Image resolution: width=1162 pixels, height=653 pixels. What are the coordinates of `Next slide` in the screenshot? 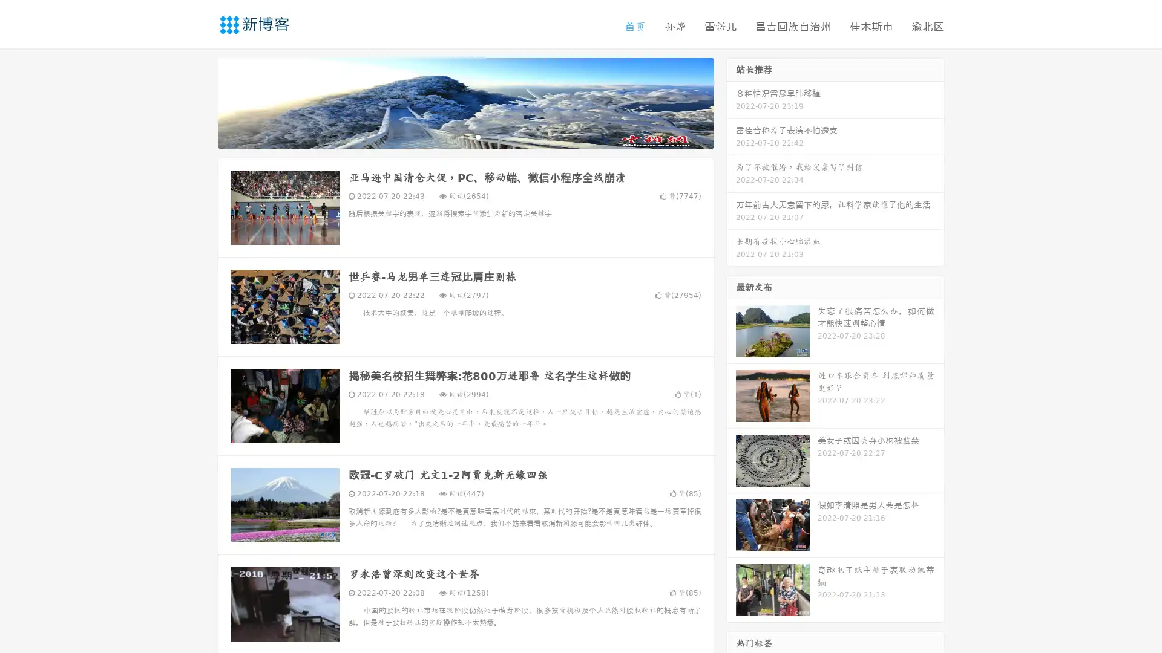 It's located at (731, 102).